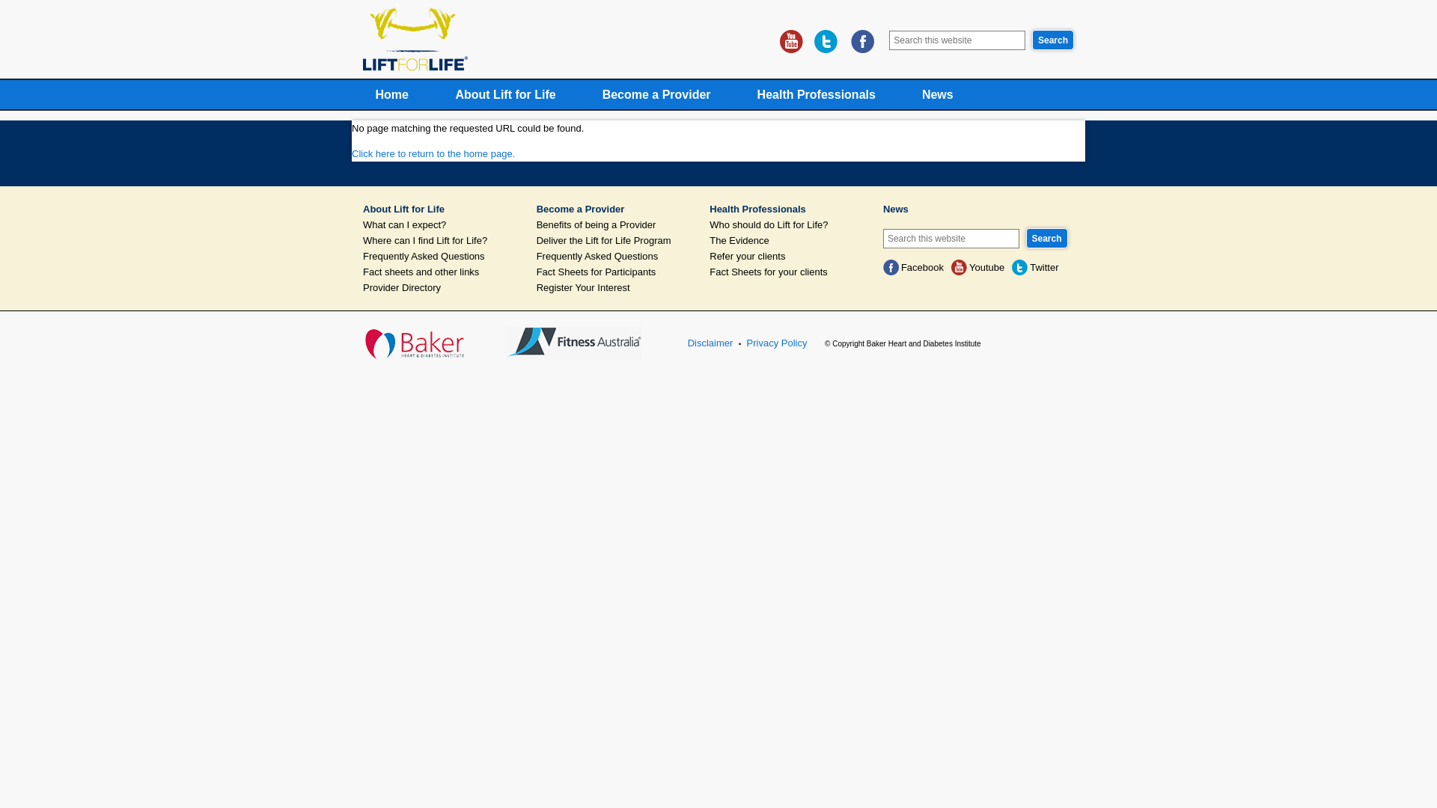 This screenshot has height=808, width=1437. I want to click on 'Where can I find Lift for Life?', so click(440, 239).